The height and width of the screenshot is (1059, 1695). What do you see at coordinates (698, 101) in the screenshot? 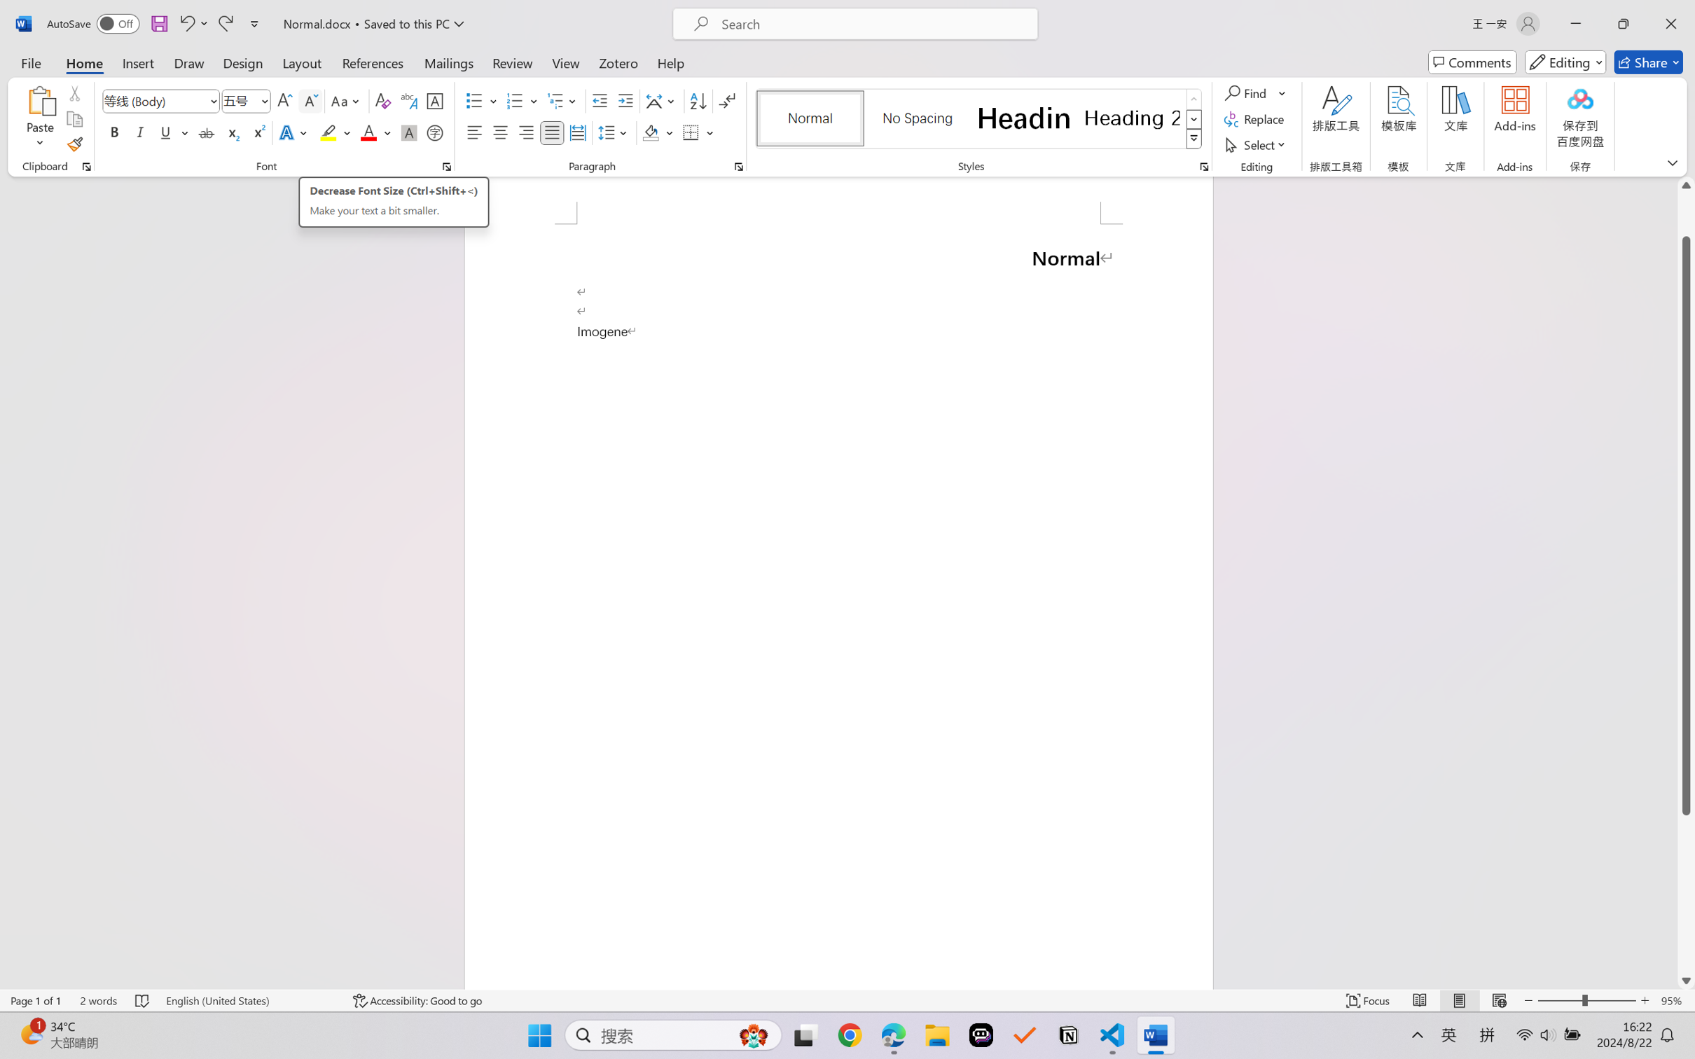
I see `'Sort...'` at bounding box center [698, 101].